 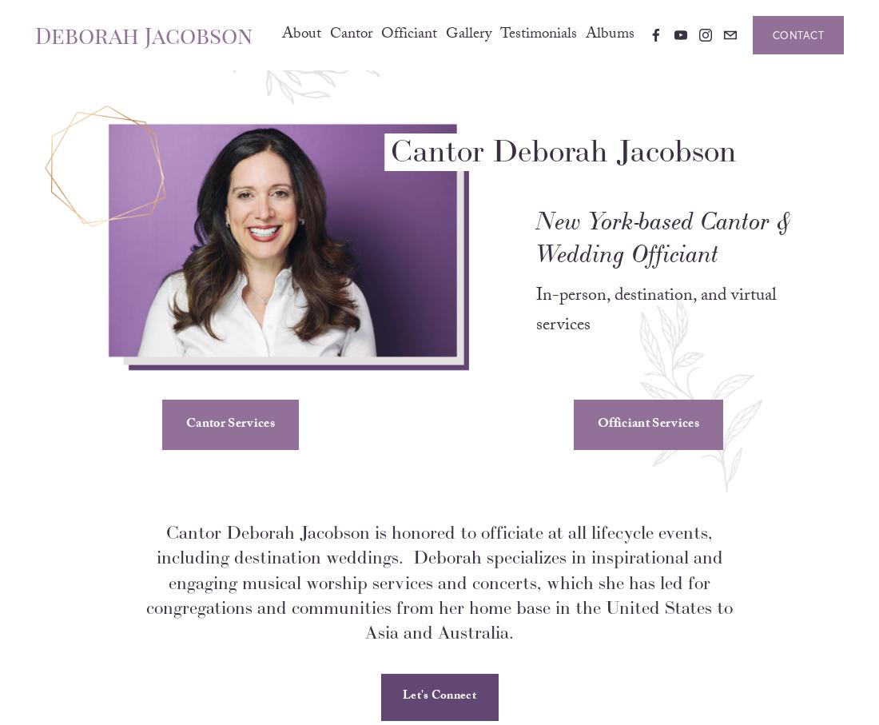 What do you see at coordinates (666, 258) in the screenshot?
I see `'New York-based Cantor & Wedding Officiant'` at bounding box center [666, 258].